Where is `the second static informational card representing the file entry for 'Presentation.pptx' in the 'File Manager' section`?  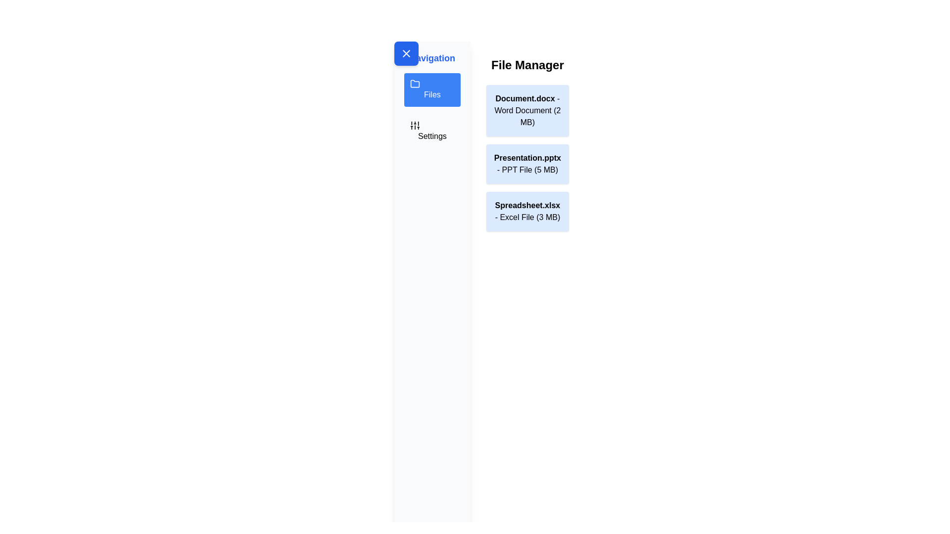
the second static informational card representing the file entry for 'Presentation.pptx' in the 'File Manager' section is located at coordinates (527, 163).